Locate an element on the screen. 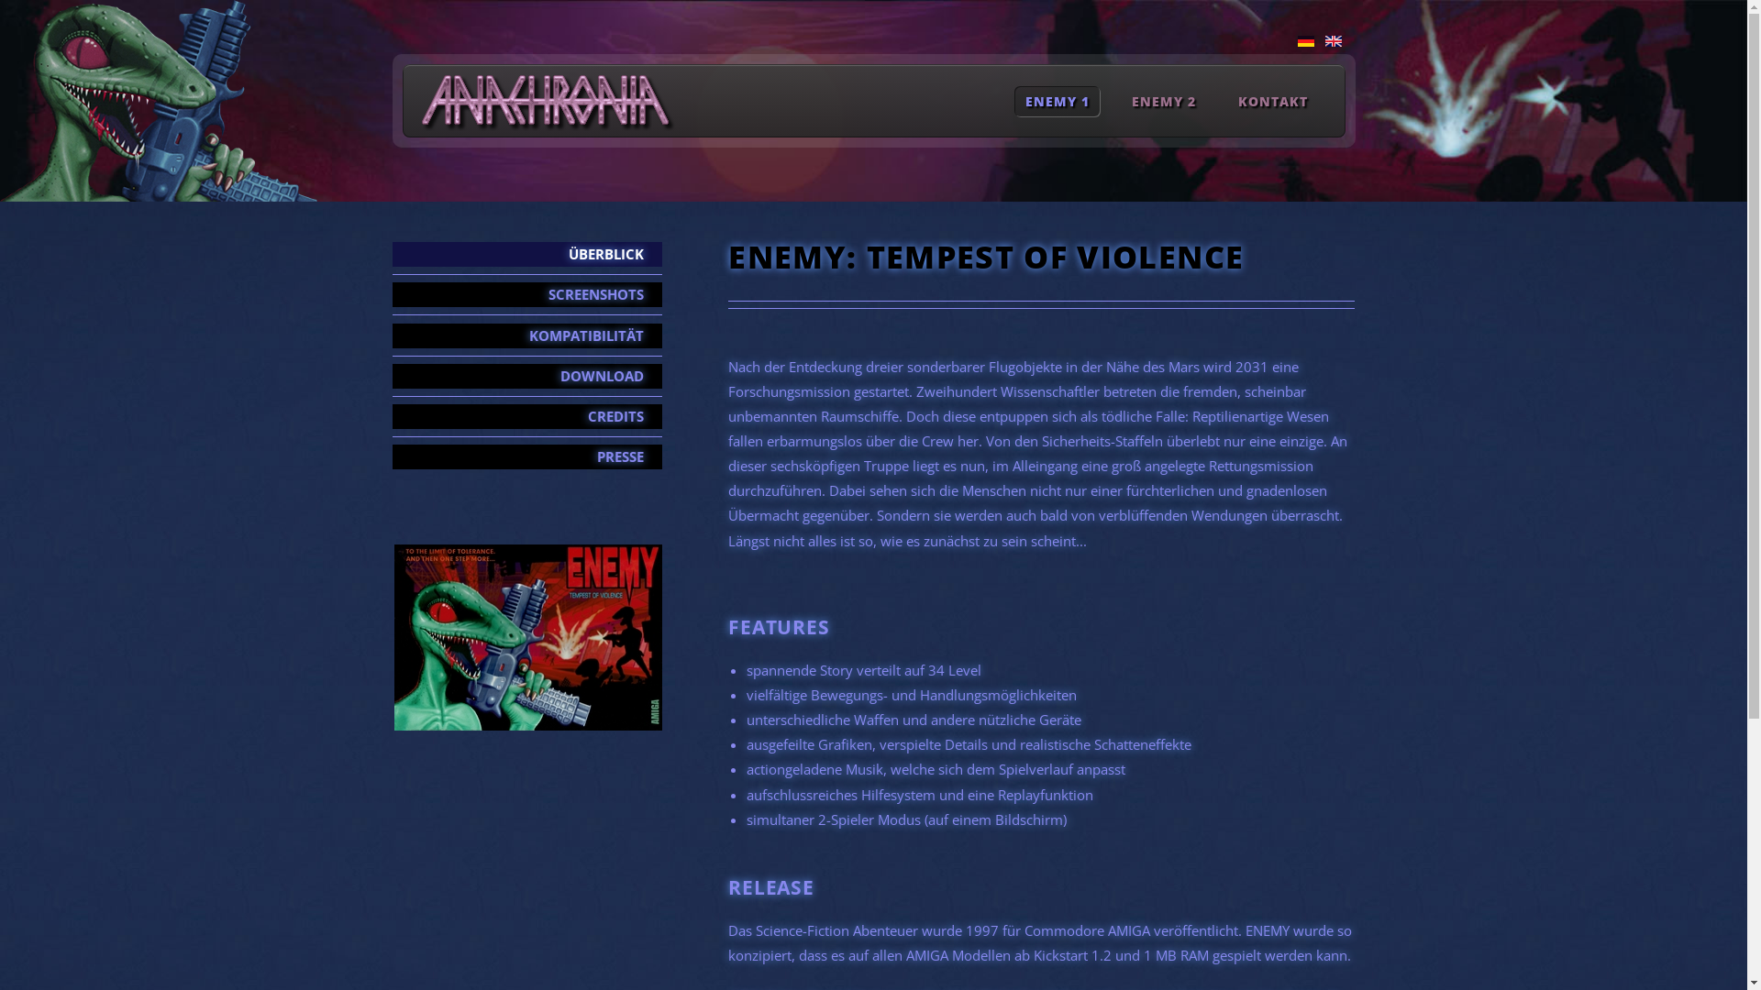 This screenshot has width=1761, height=990. 'DOWNLOAD' is located at coordinates (526, 375).